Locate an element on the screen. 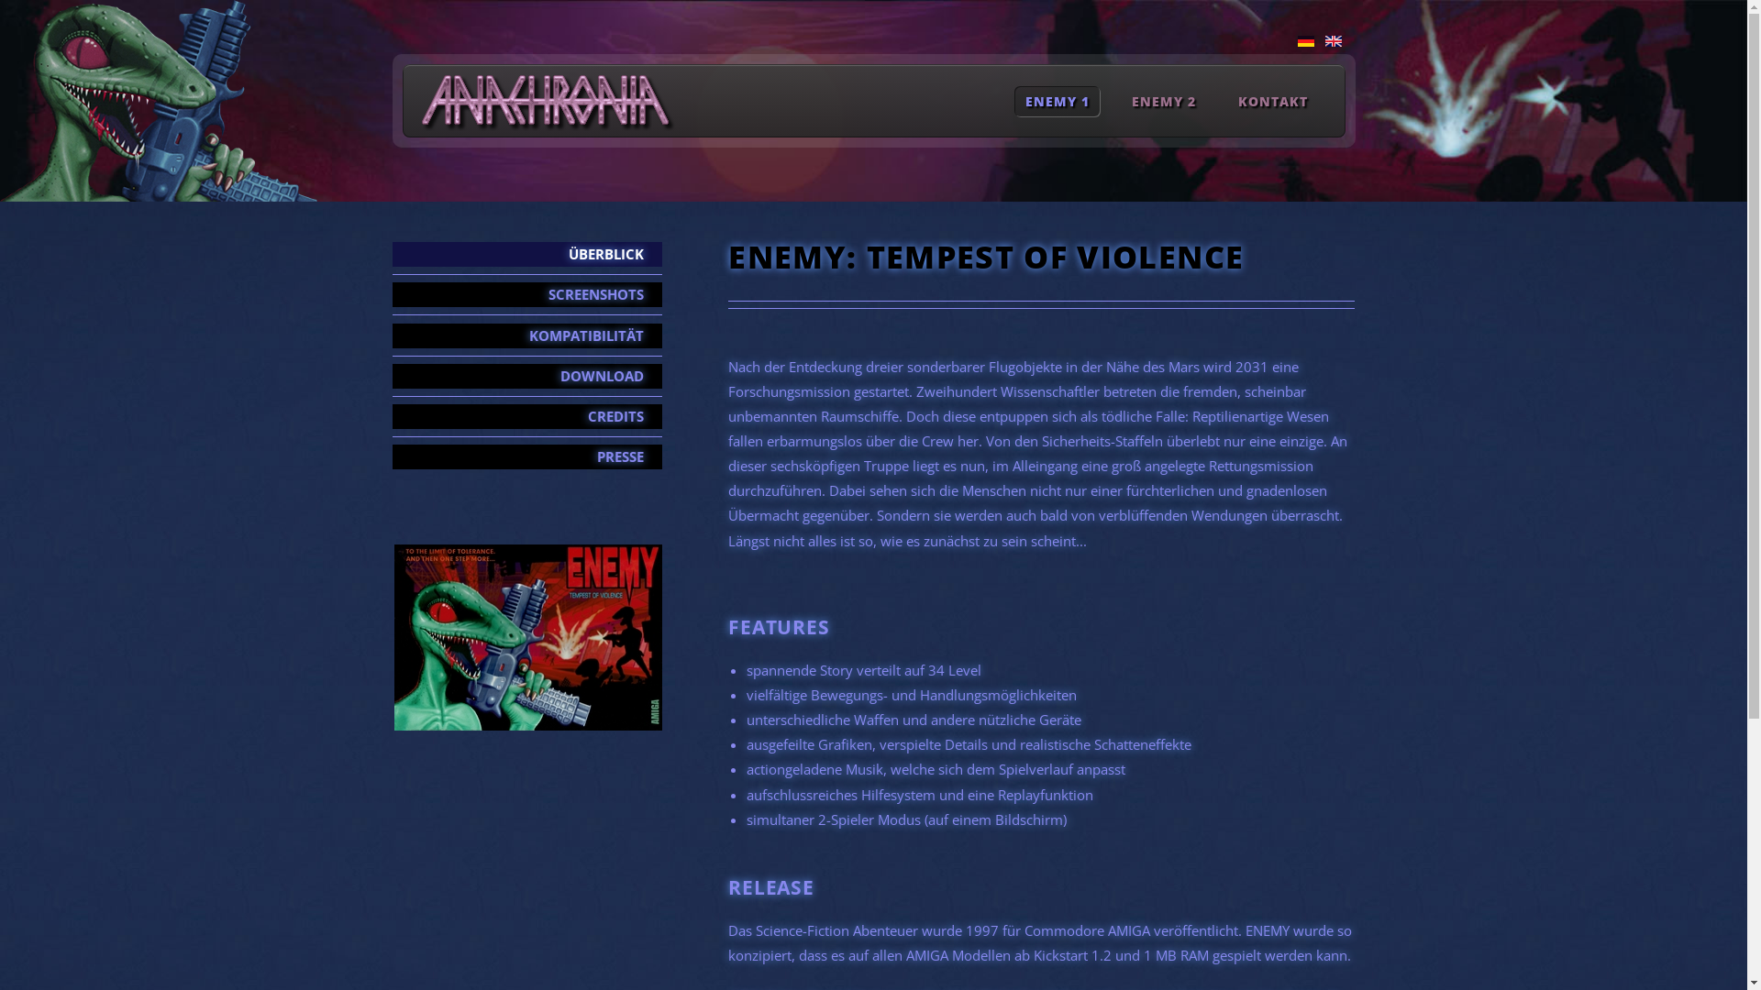 This screenshot has width=1761, height=990. 'DOWNLOAD' is located at coordinates (526, 375).